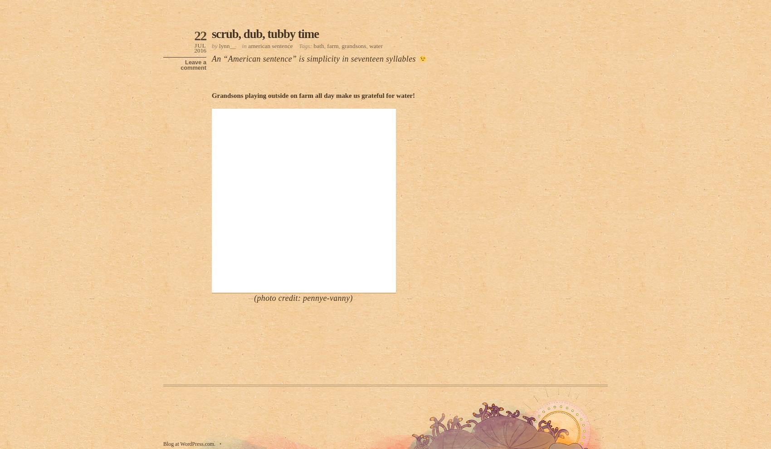 Image resolution: width=771 pixels, height=449 pixels. I want to click on 'lynn__', so click(227, 45).